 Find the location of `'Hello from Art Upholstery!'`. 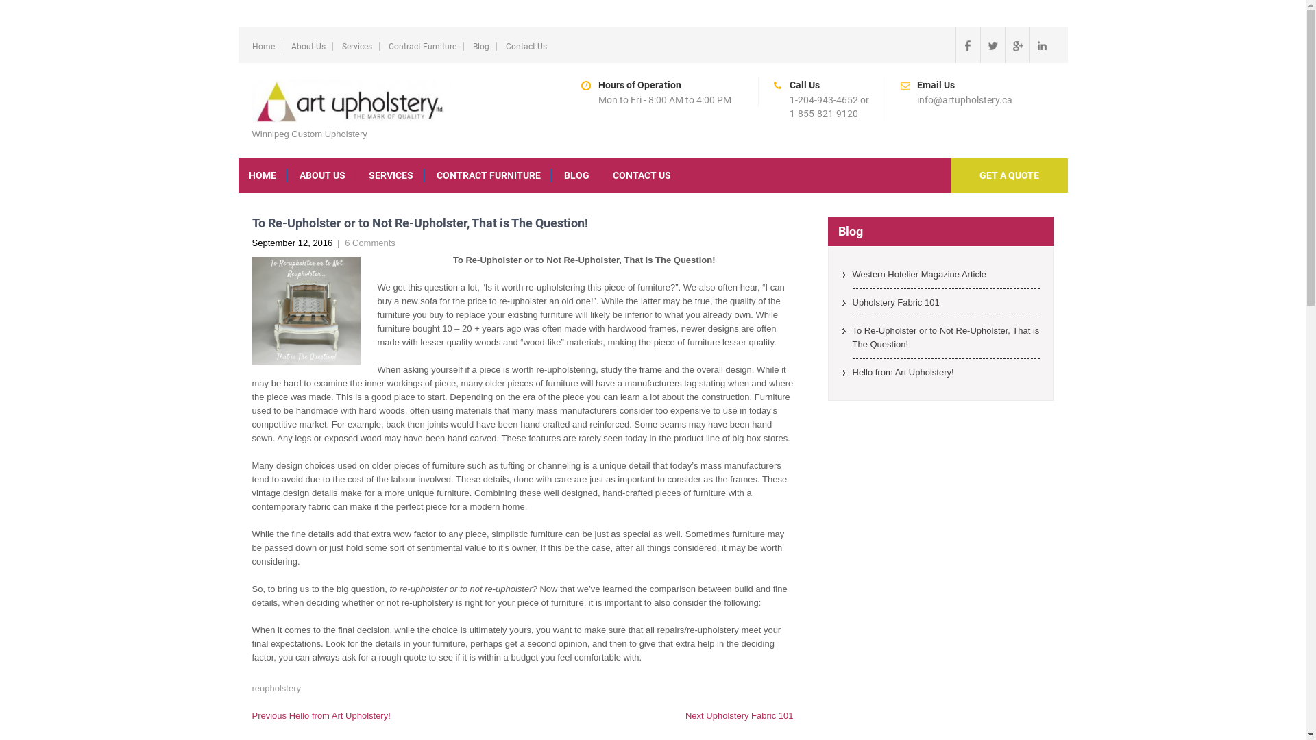

'Hello from Art Upholstery!' is located at coordinates (945, 375).